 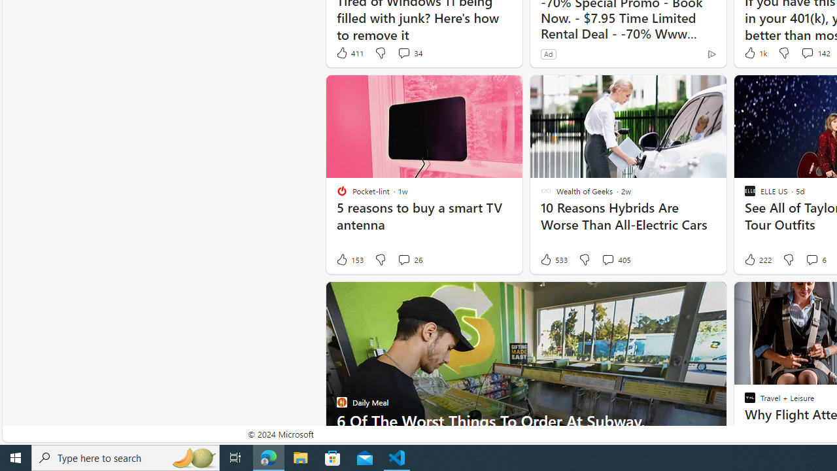 What do you see at coordinates (755, 52) in the screenshot?
I see `'1k Like'` at bounding box center [755, 52].